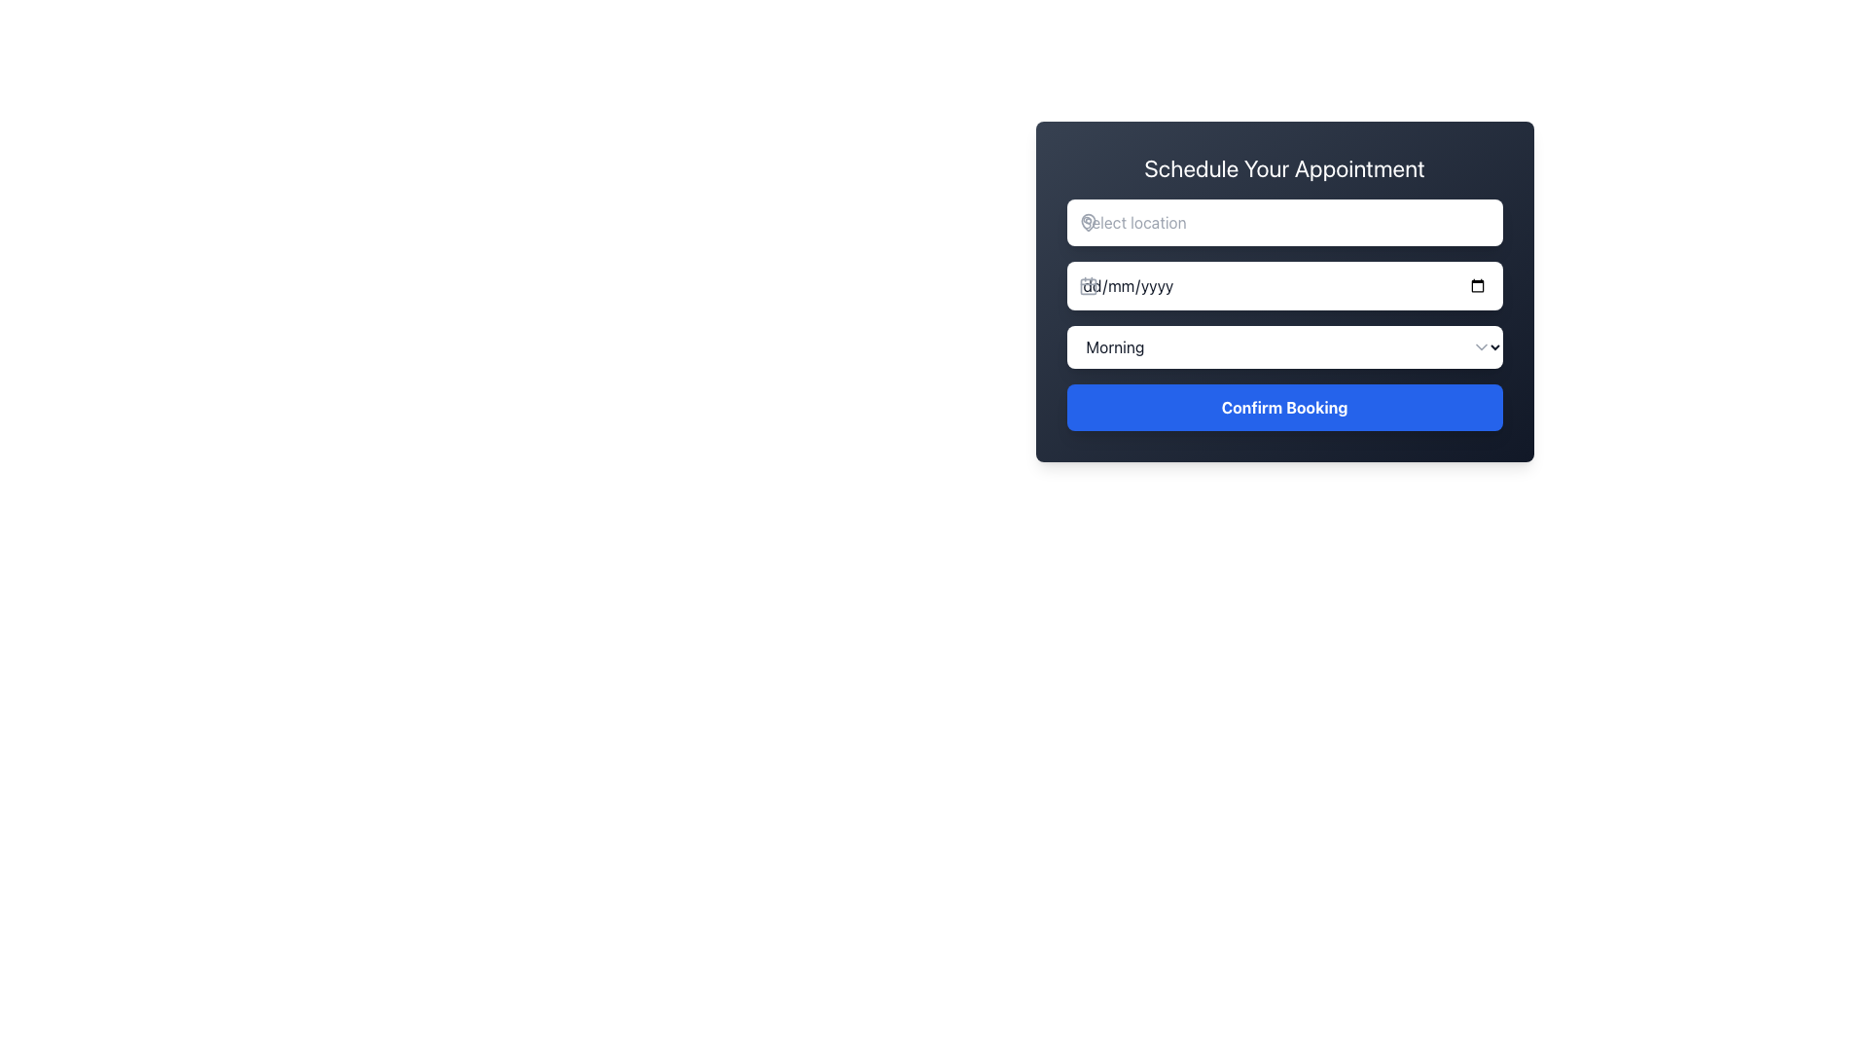  Describe the element at coordinates (1284, 407) in the screenshot. I see `the 'Confirm Booking' button, which is a rectangular button with a vibrant blue background and bold white text, located at the bottom of the layout` at that location.